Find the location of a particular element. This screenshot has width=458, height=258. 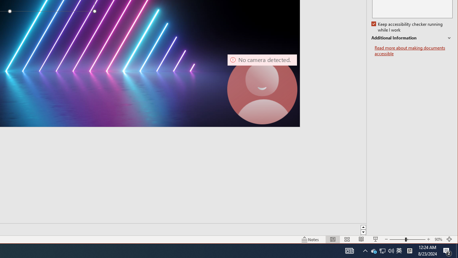

'Line up' is located at coordinates (363, 227).